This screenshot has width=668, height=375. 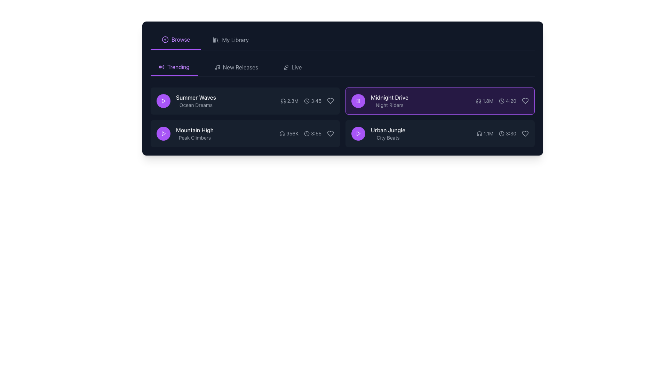 I want to click on displayed metric of the text label showing '1.8M' next to the headphones icon, positioned in the middle section of the row for the 'Midnight Drive' track, so click(x=484, y=101).